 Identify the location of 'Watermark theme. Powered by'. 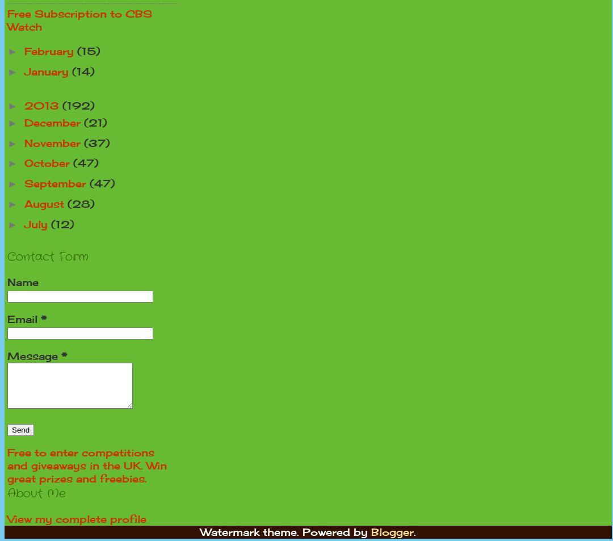
(285, 531).